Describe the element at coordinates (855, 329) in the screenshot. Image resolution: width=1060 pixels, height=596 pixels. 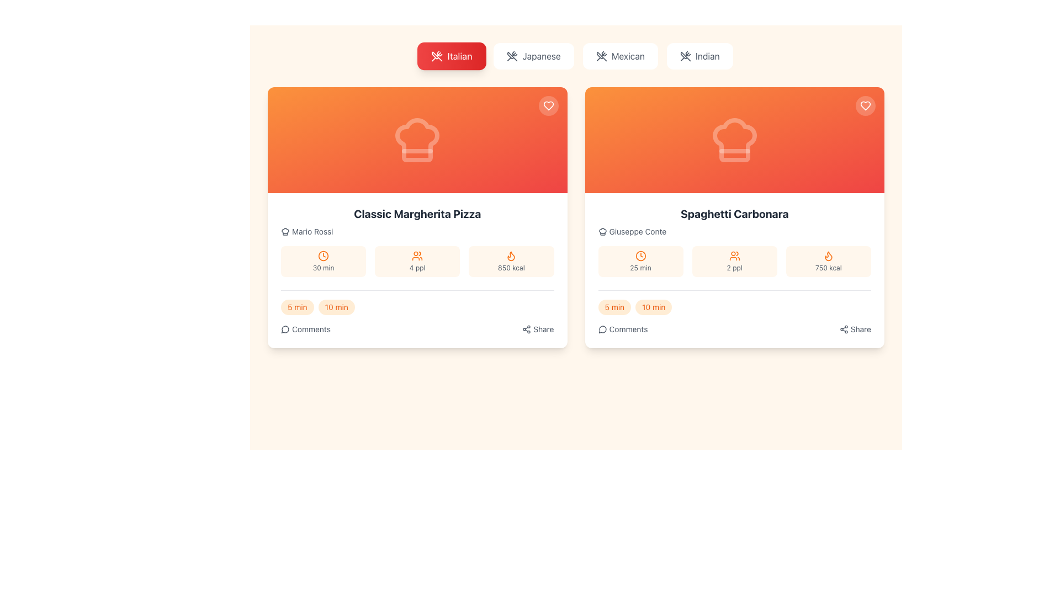
I see `the share button located at the bottom right of the 'Spaghetti Carbonara' card` at that location.